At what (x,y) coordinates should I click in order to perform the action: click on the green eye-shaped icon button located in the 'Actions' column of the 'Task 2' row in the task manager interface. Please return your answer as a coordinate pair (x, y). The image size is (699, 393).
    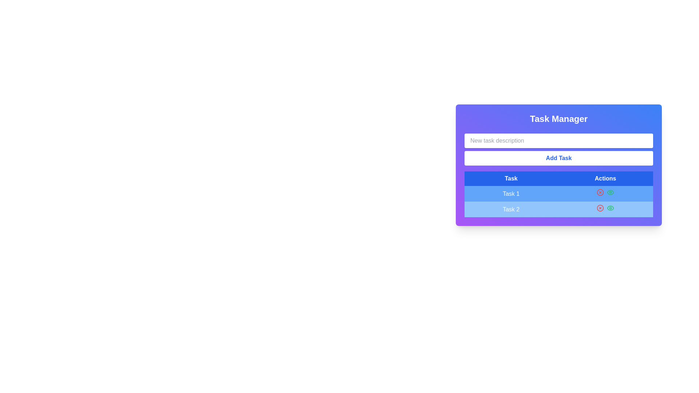
    Looking at the image, I should click on (611, 208).